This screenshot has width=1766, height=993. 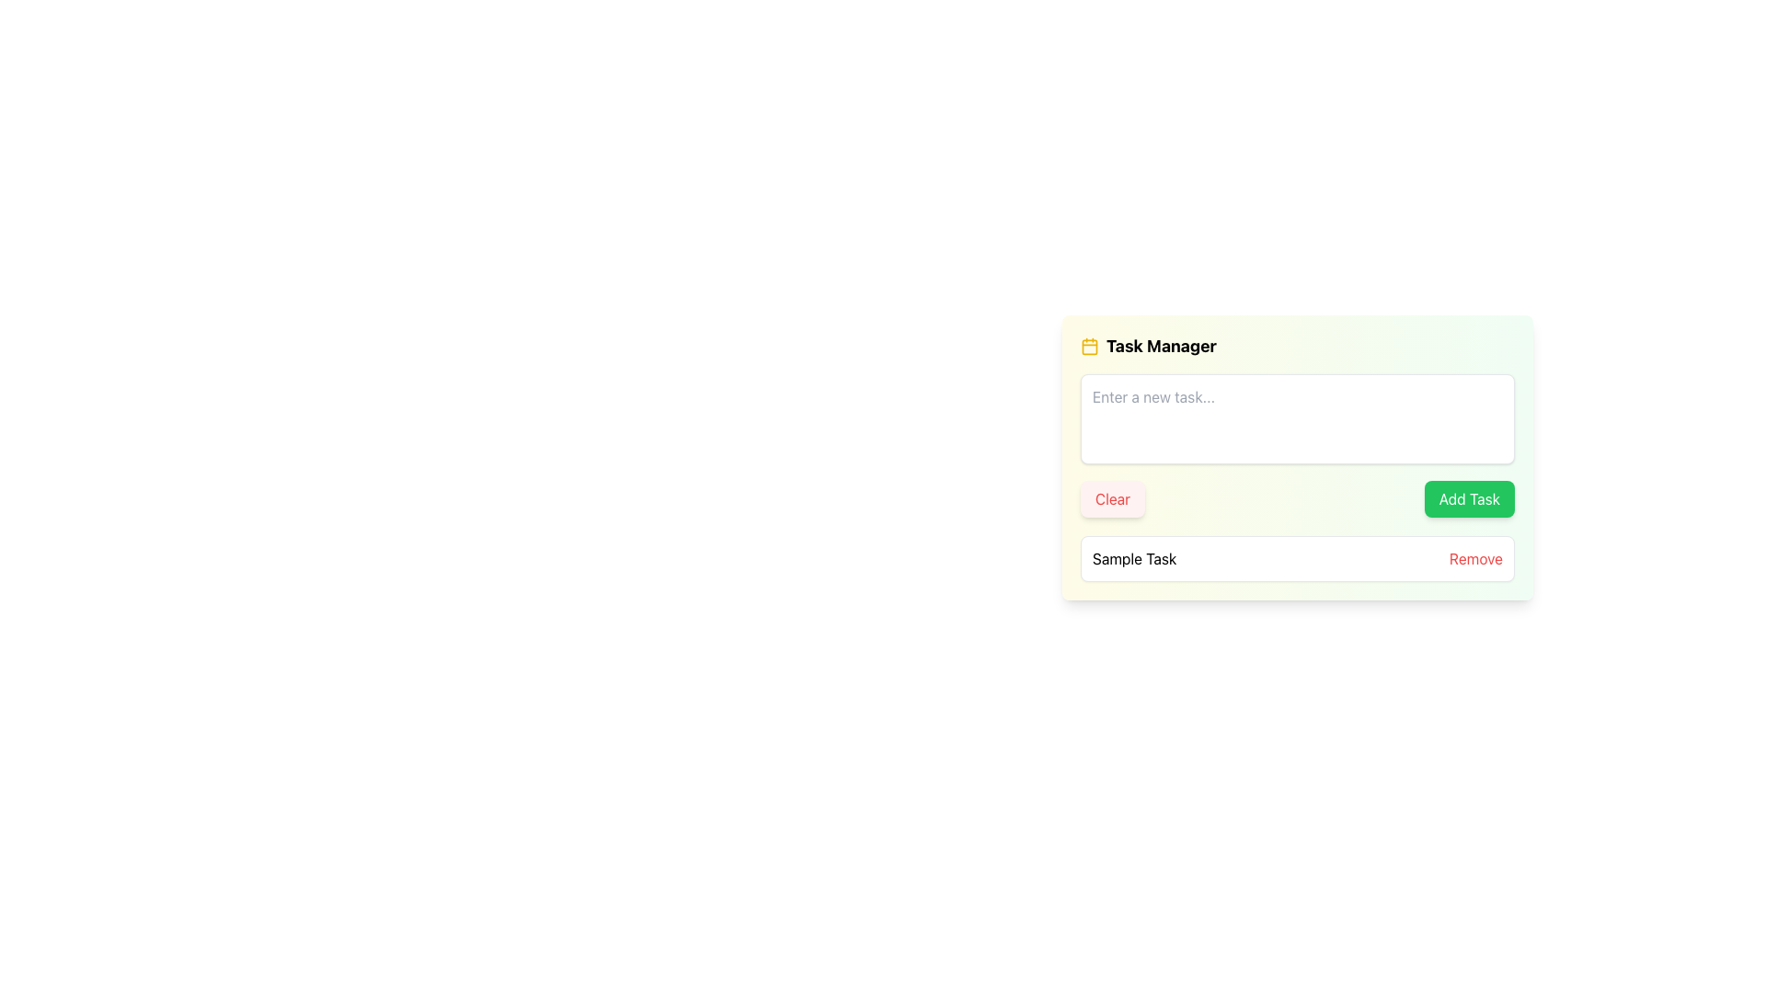 What do you see at coordinates (1090, 347) in the screenshot?
I see `the yellow calendar icon located to the left of the 'Task Manager' title in the header section` at bounding box center [1090, 347].